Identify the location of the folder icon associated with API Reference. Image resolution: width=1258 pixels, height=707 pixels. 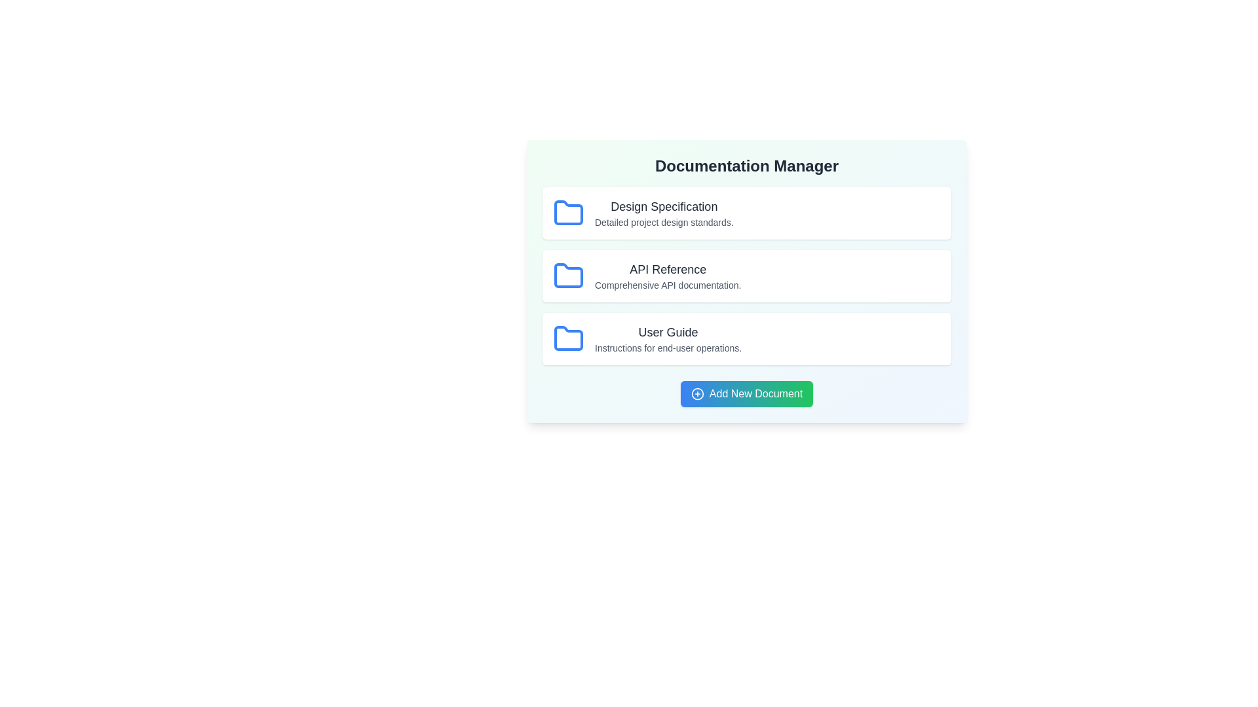
(569, 275).